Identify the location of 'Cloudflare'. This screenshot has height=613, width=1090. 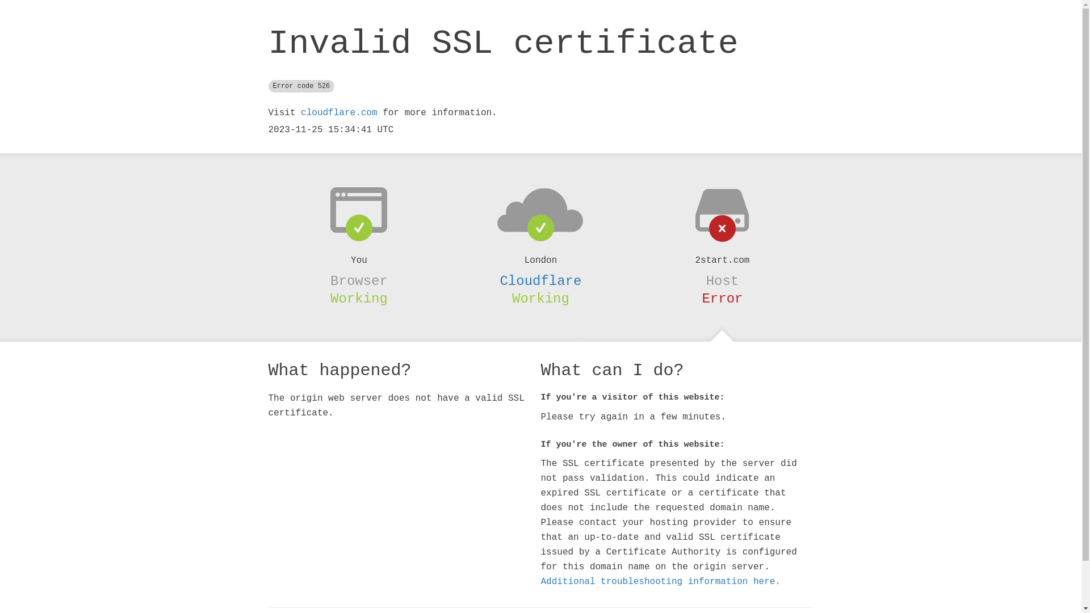
(539, 281).